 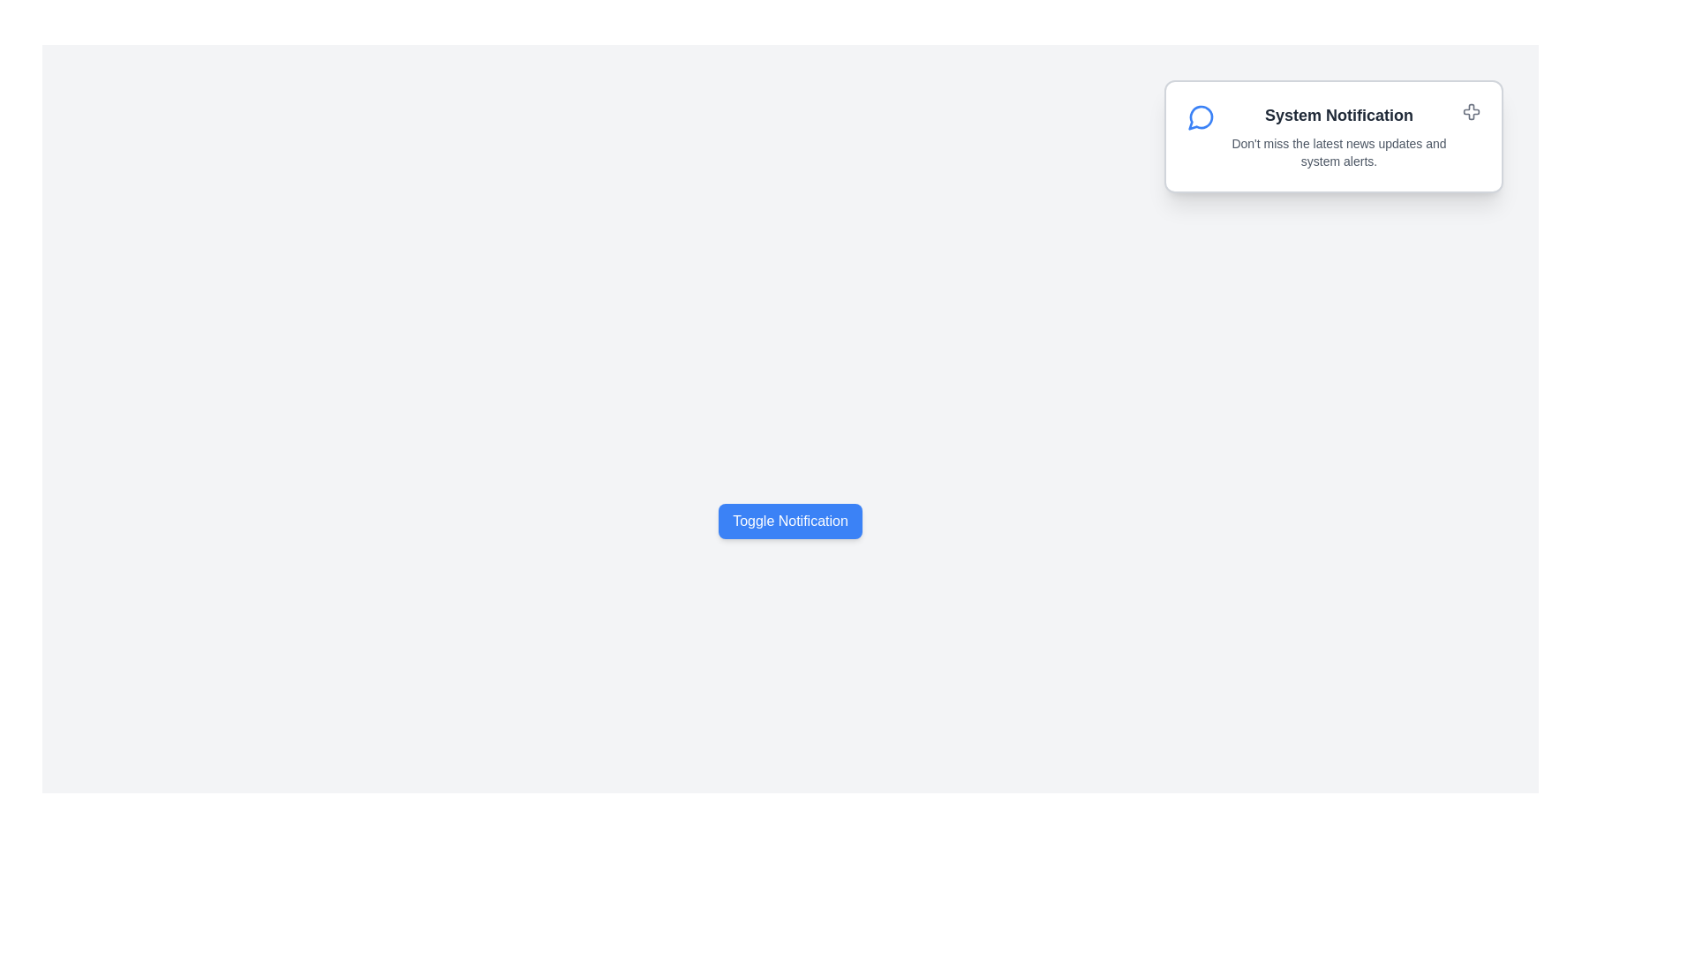 What do you see at coordinates (789, 520) in the screenshot?
I see `the button located in the lower section of the interface` at bounding box center [789, 520].